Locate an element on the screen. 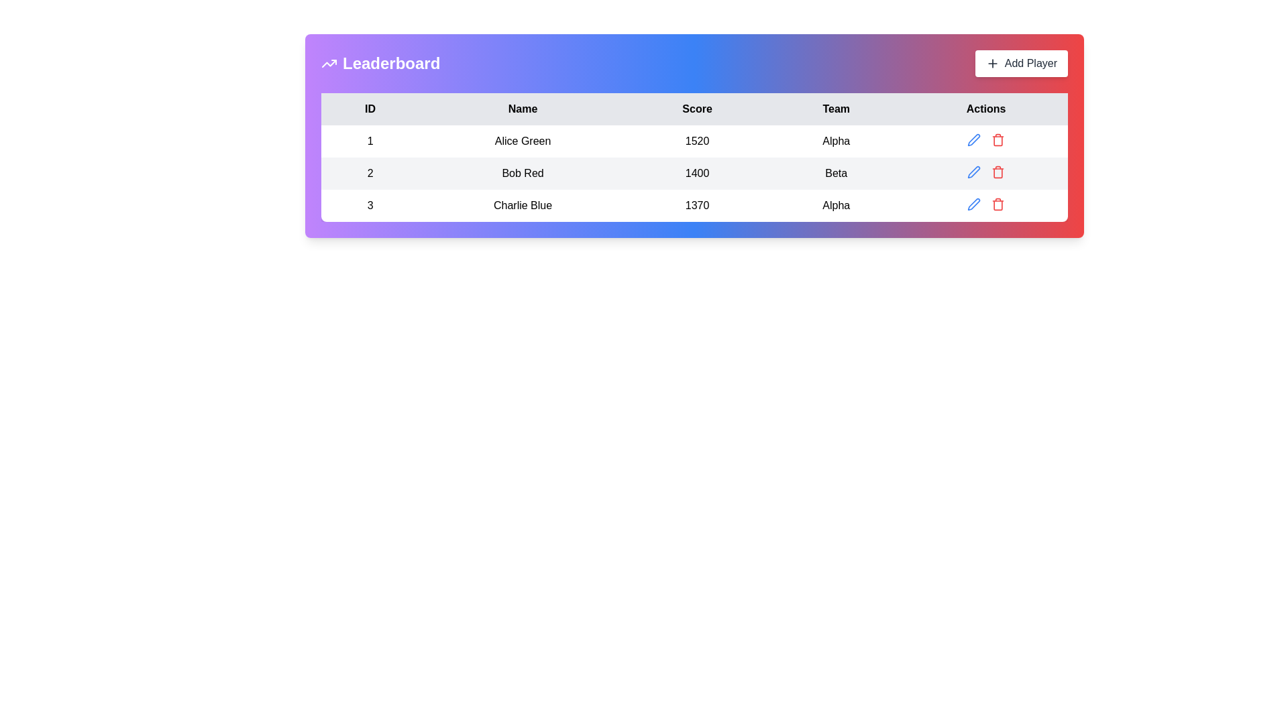 This screenshot has width=1288, height=724. the text label displaying 'Charlie Blue', located in the second column of the third row under the 'Name' header in the table with a grey background is located at coordinates (522, 206).